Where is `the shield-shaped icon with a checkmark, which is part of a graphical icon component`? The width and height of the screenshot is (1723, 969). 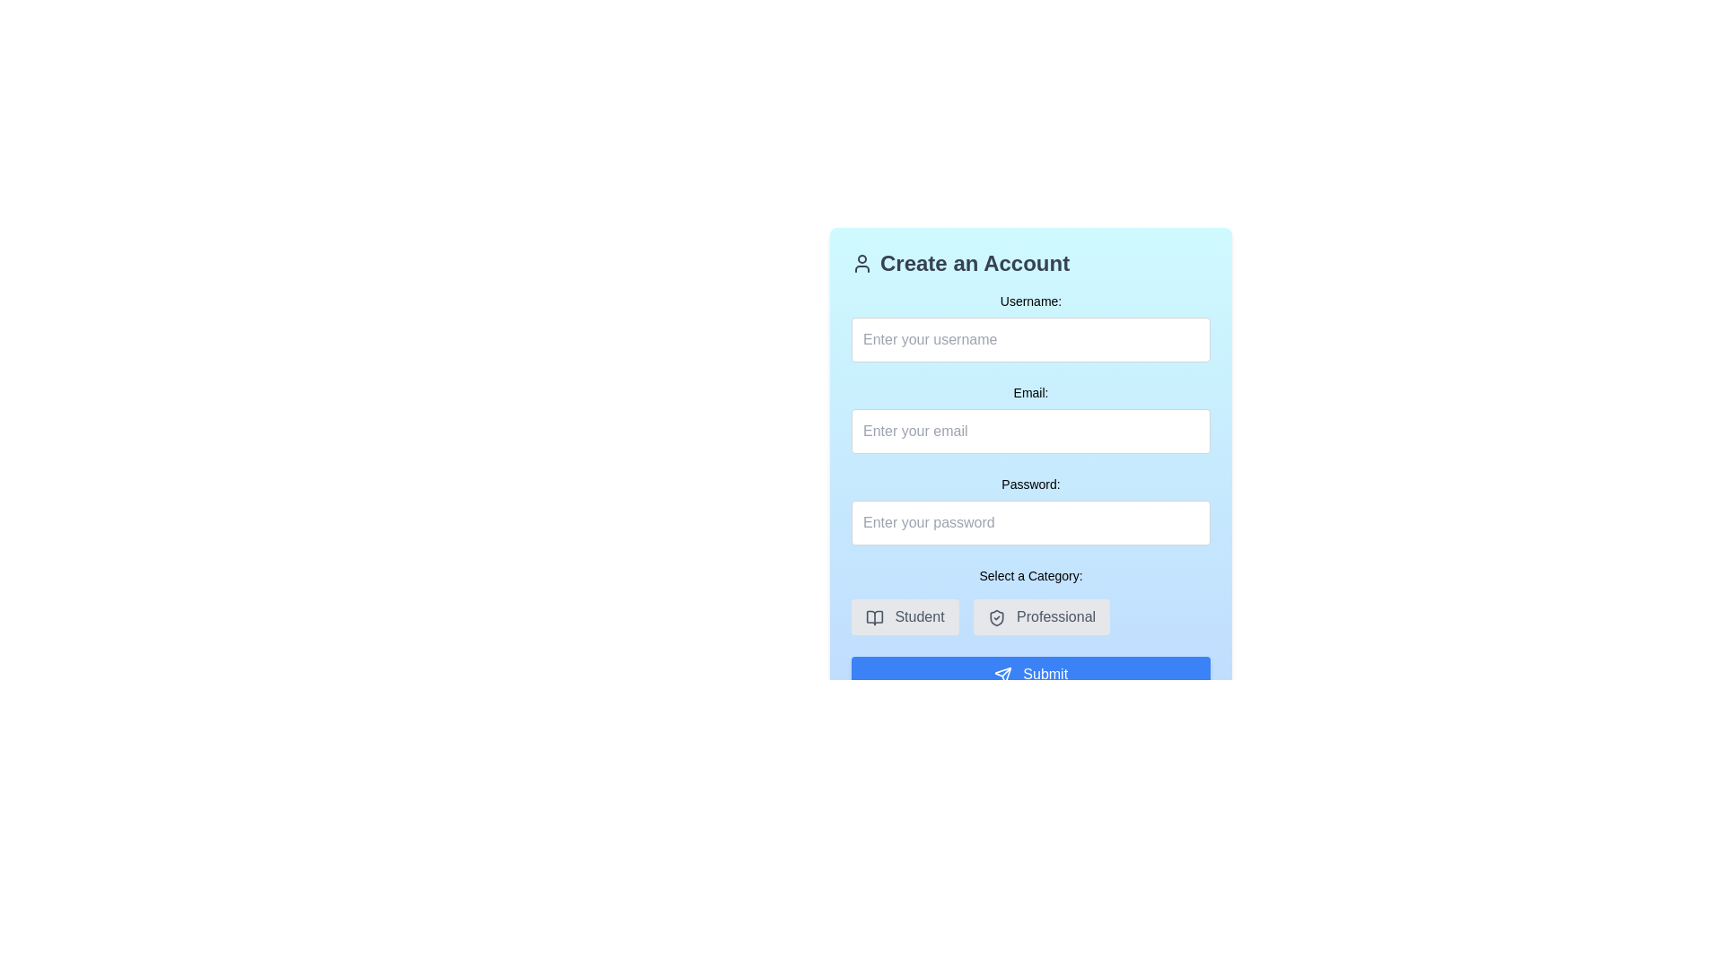 the shield-shaped icon with a checkmark, which is part of a graphical icon component is located at coordinates (995, 616).